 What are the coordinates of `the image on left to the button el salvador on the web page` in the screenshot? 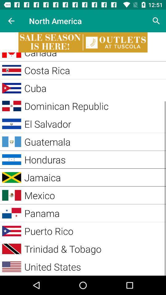 It's located at (12, 124).